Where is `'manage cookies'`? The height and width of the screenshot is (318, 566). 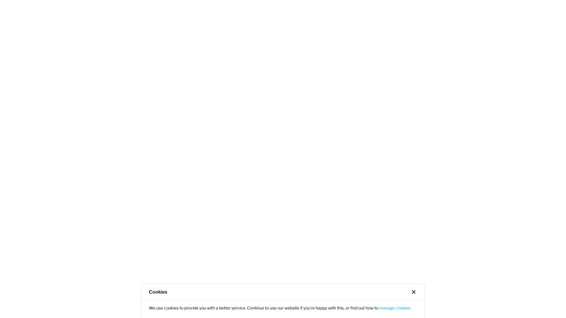 'manage cookies' is located at coordinates (379, 307).